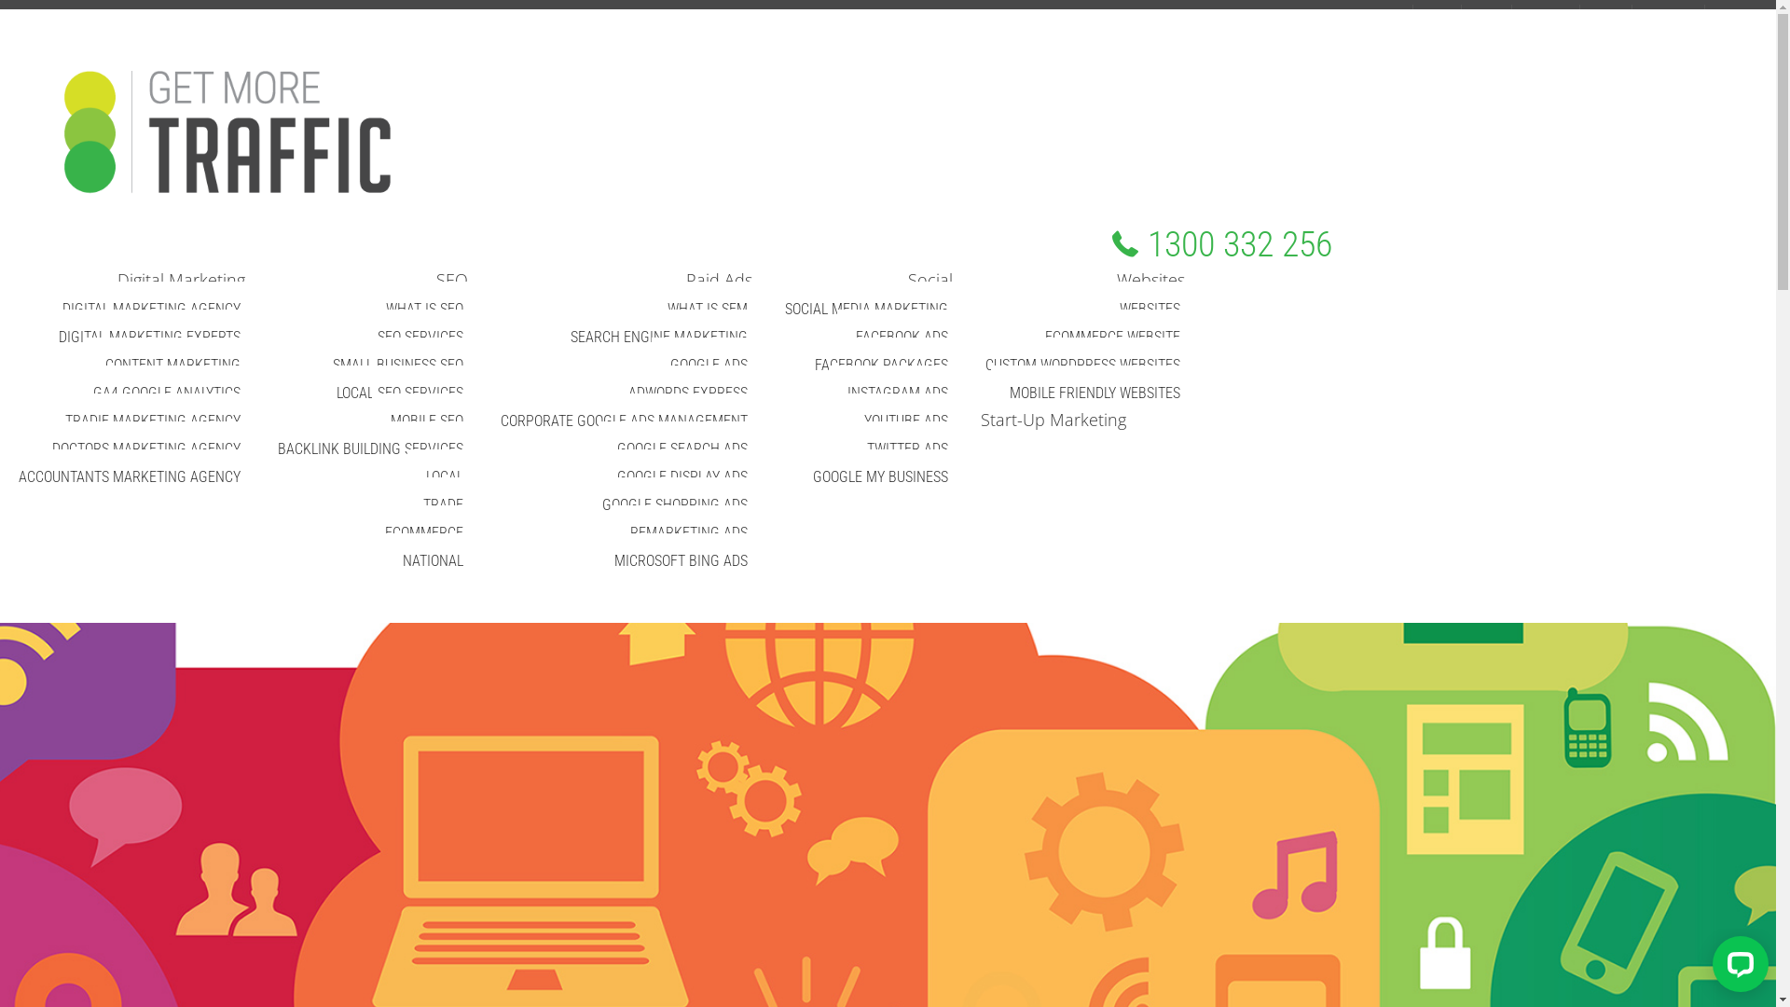  What do you see at coordinates (149, 337) in the screenshot?
I see `'DIGITAL MARKETING EXPERTS'` at bounding box center [149, 337].